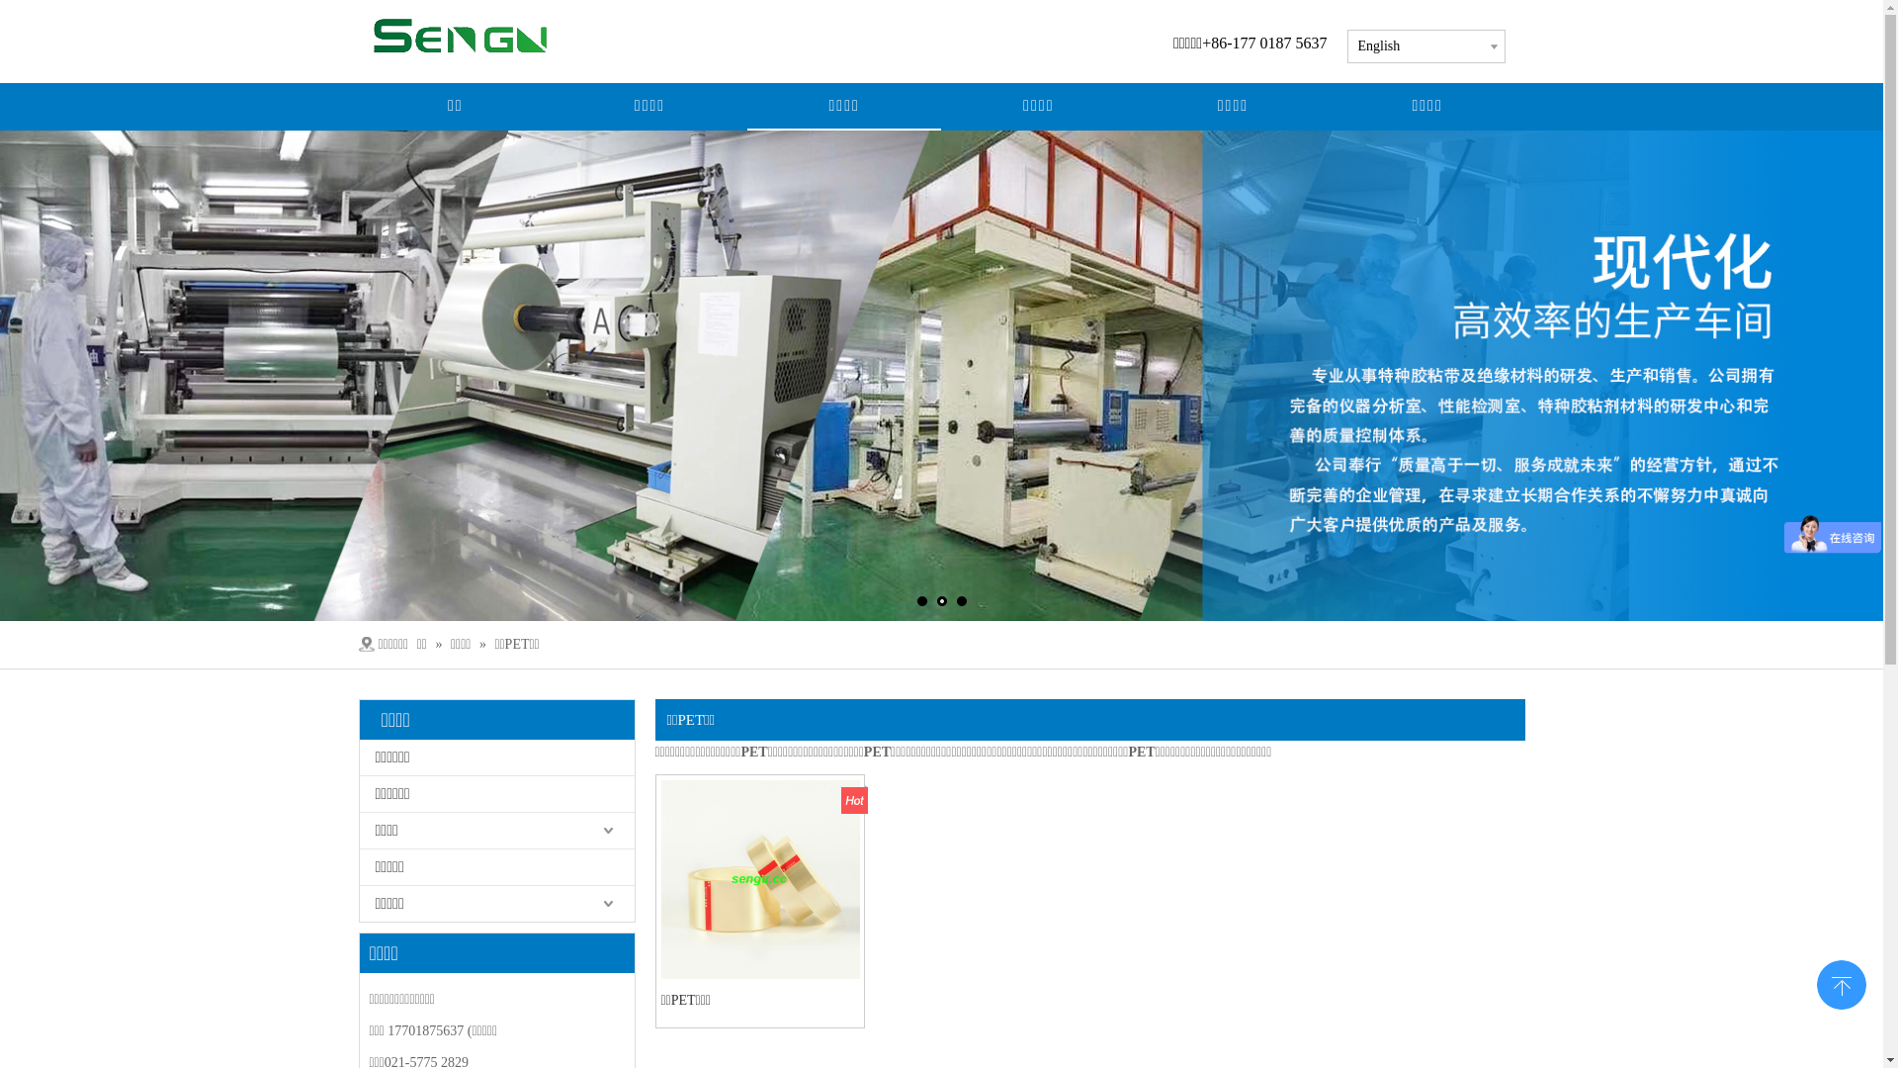 The height and width of the screenshot is (1068, 1898). What do you see at coordinates (477, 35) in the screenshot?
I see `'logo'` at bounding box center [477, 35].